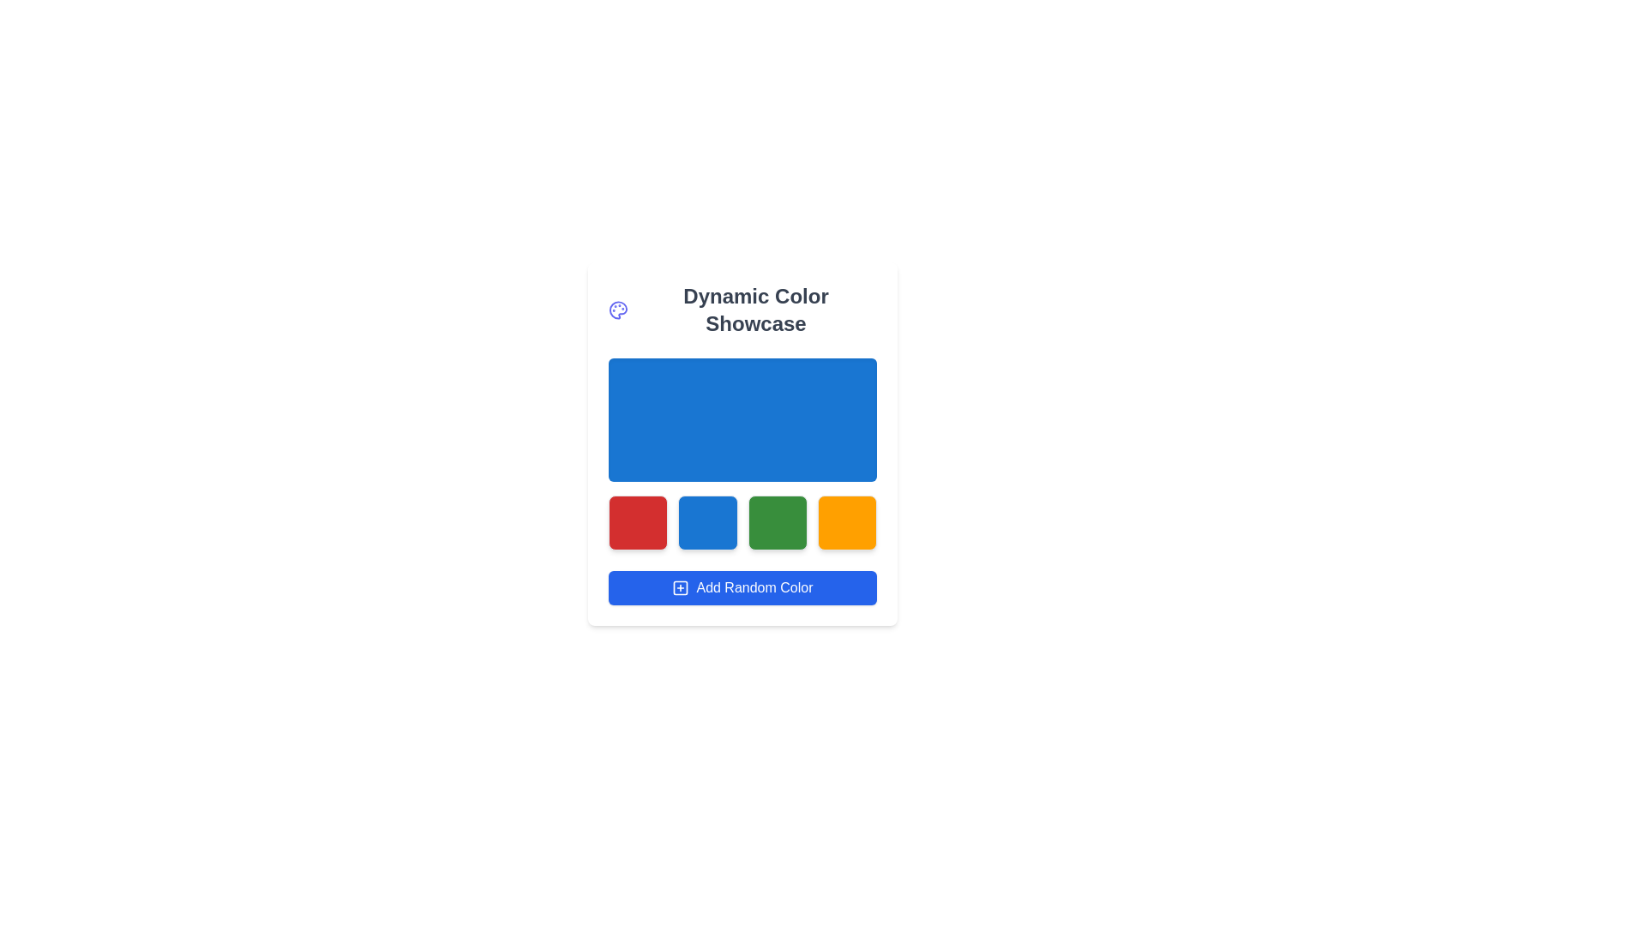  What do you see at coordinates (680, 587) in the screenshot?
I see `the '+' icon located within the blue 'Add Random Color' button, which indicates an action related to adding or increasing` at bounding box center [680, 587].